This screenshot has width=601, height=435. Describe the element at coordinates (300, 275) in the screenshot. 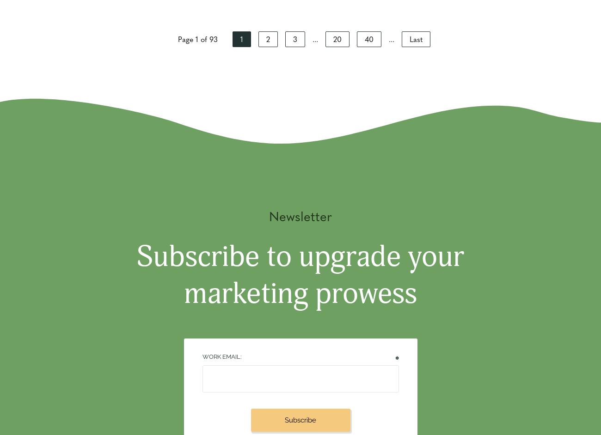

I see `'Subscribe to upgrade your marketing prowess'` at that location.